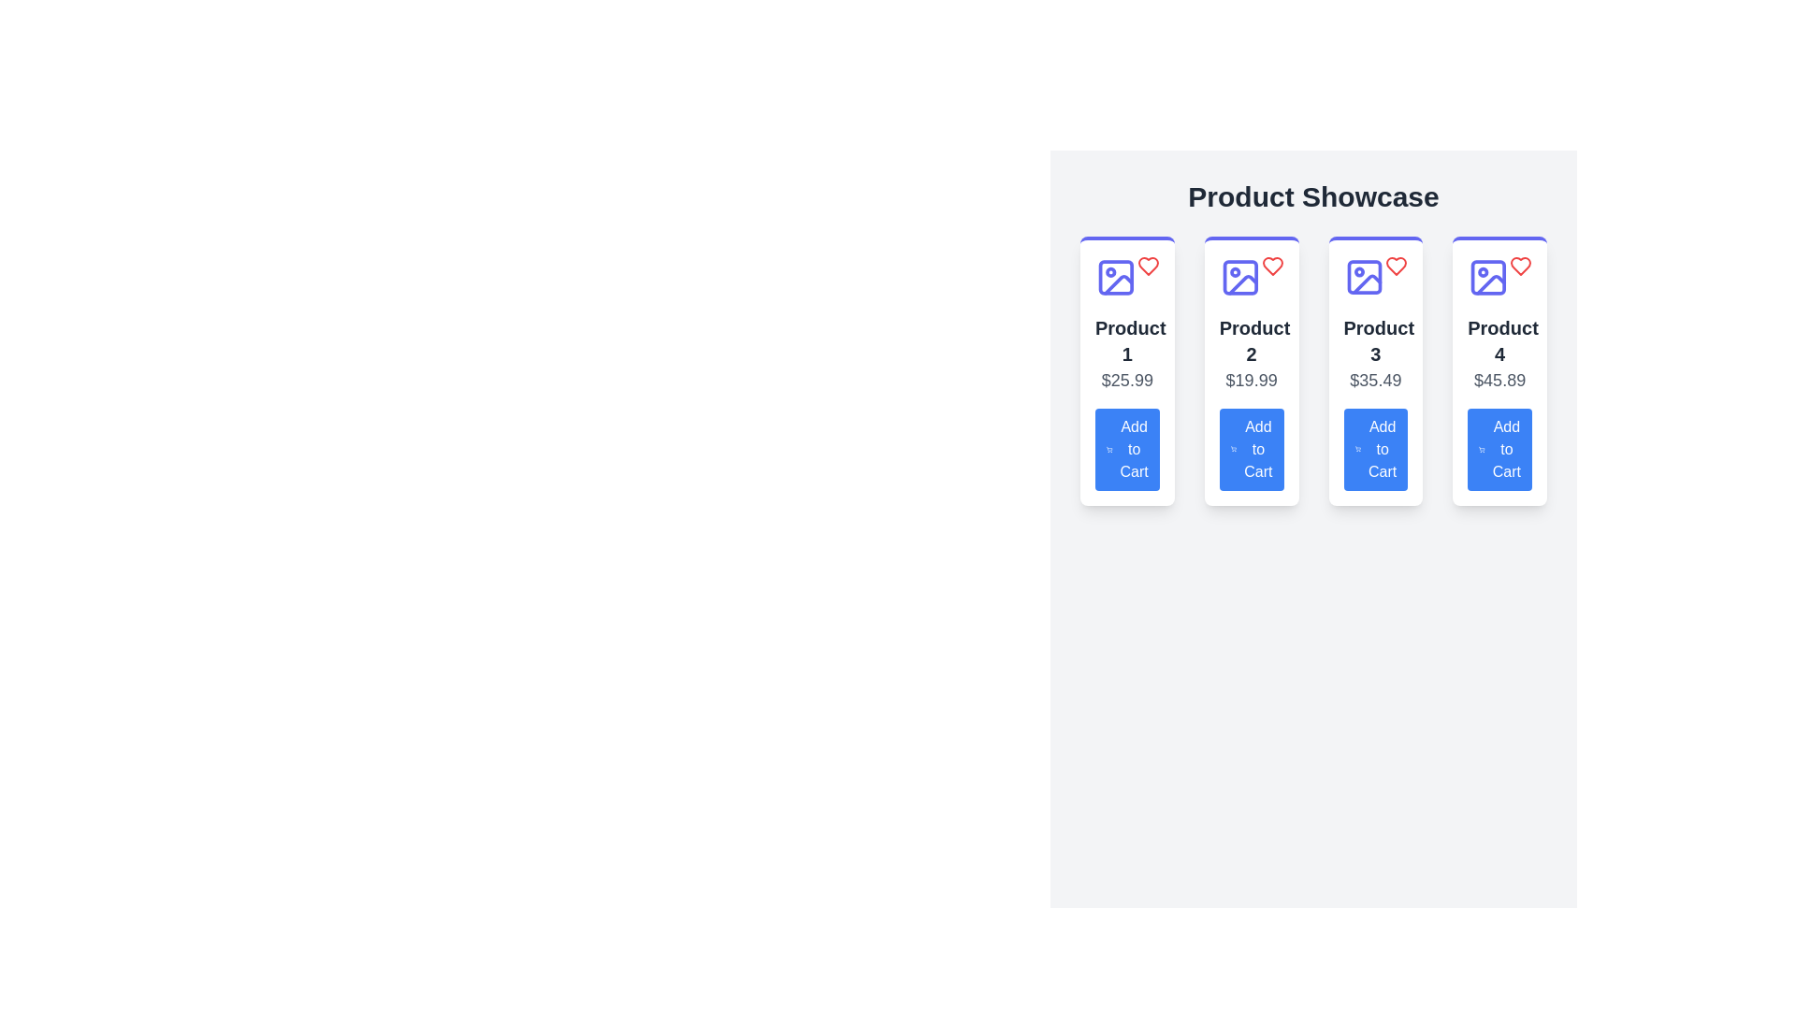  Describe the element at coordinates (1364, 278) in the screenshot. I see `the static icon representing 'Product 3' located in the top-left region of the 'Product 3' card, which is the third card in the horizontal 'Product Showcase' grid` at that location.